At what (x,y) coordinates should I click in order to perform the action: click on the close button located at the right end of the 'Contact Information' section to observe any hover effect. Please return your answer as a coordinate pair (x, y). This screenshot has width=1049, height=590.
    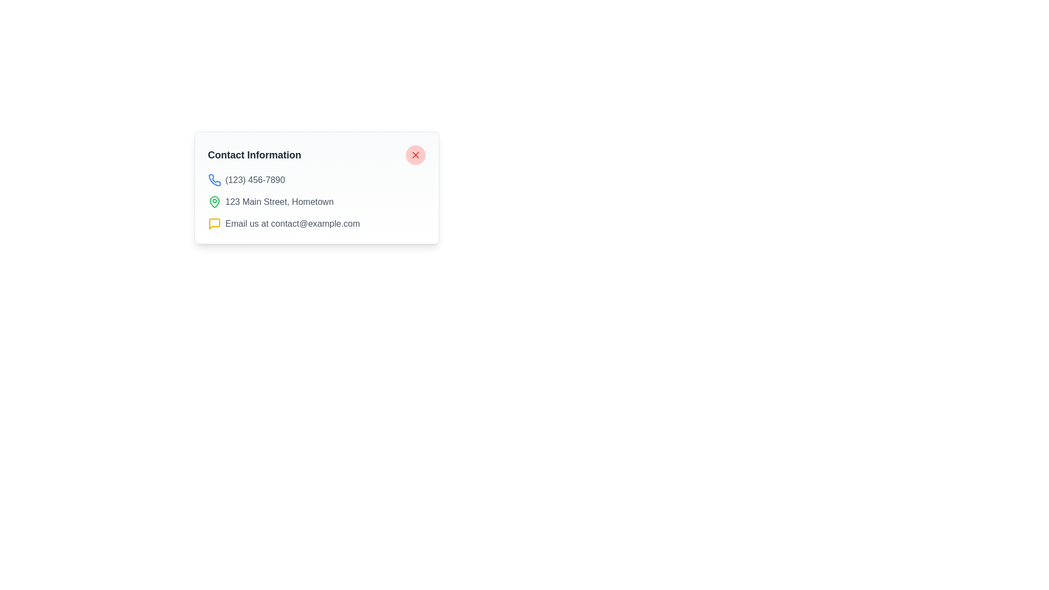
    Looking at the image, I should click on (415, 155).